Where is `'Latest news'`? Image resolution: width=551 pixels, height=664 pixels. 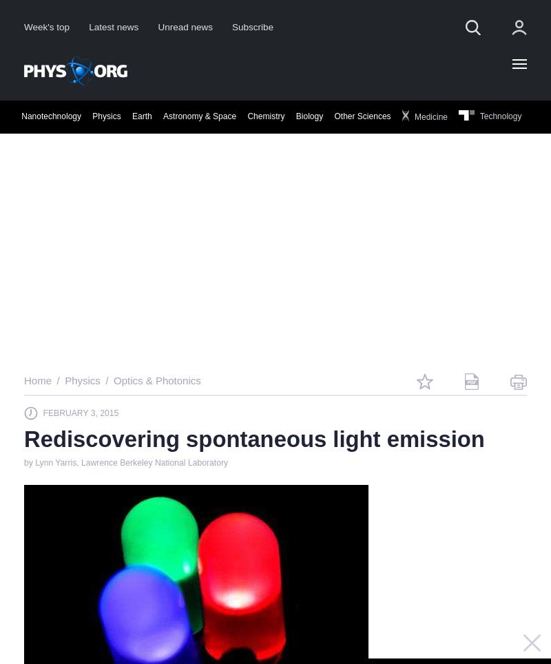 'Latest news' is located at coordinates (88, 25).